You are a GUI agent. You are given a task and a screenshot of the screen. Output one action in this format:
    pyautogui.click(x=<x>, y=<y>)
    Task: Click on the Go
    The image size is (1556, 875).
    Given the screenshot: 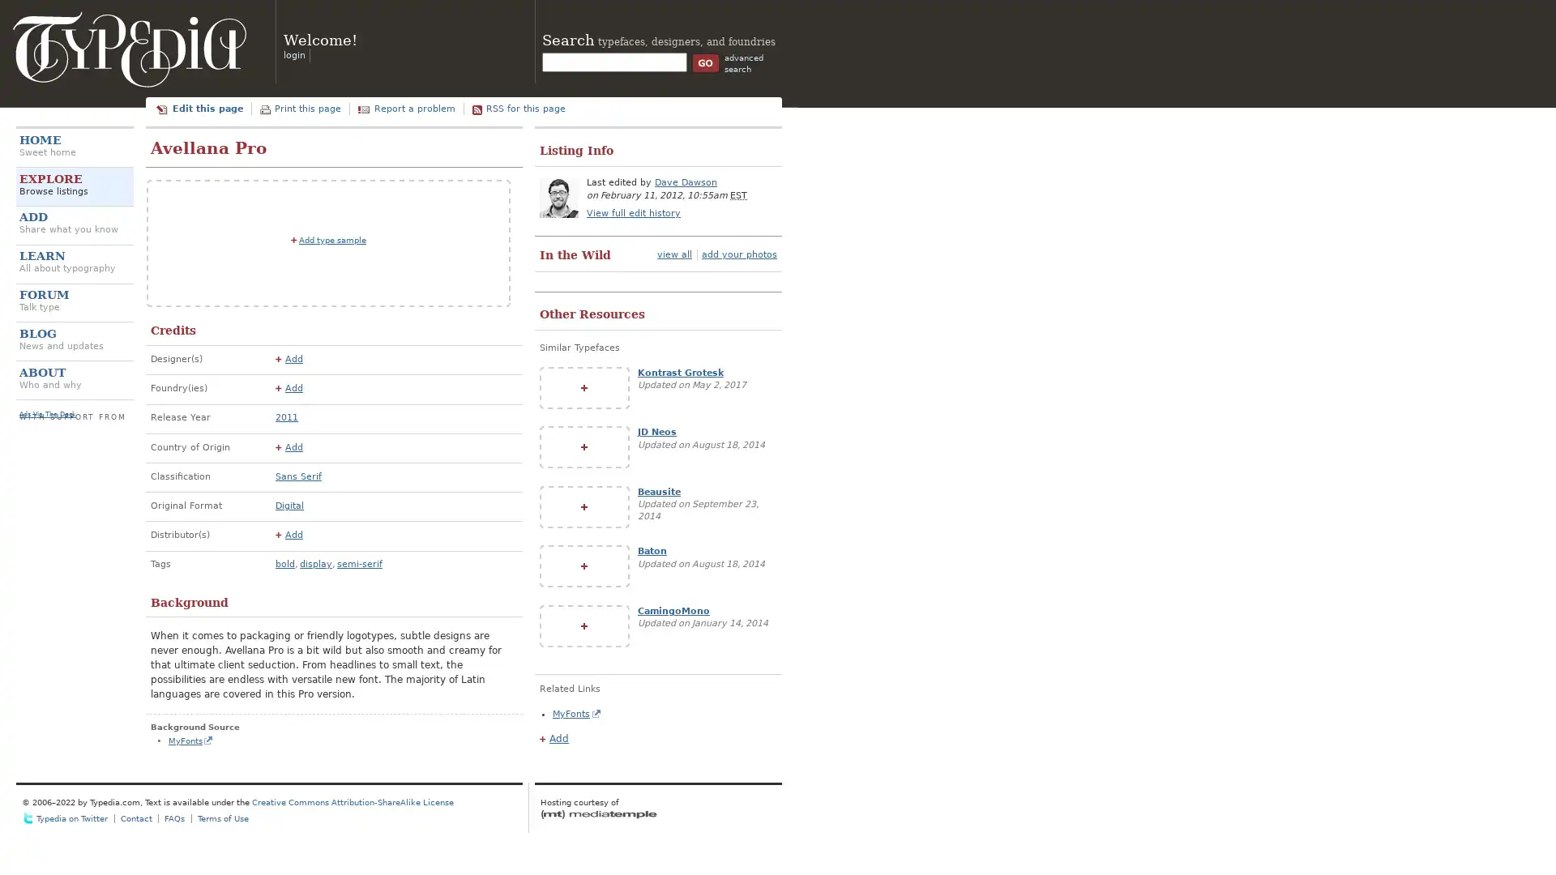 What is the action you would take?
    pyautogui.click(x=705, y=62)
    